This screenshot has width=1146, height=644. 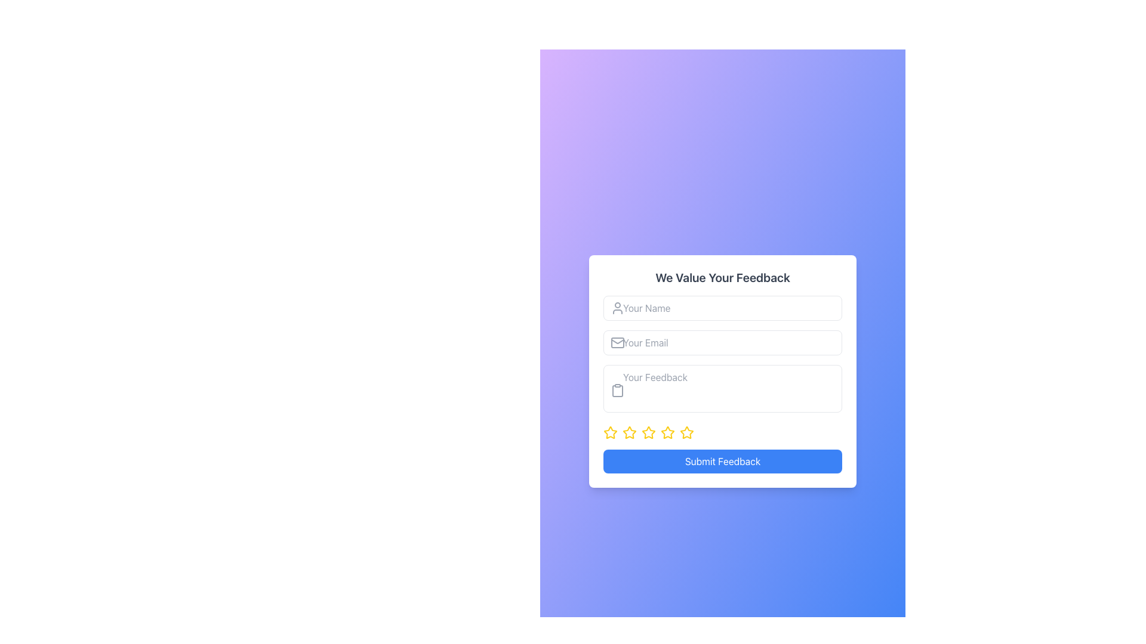 What do you see at coordinates (686, 432) in the screenshot?
I see `the fifth star-shaped rating icon with a bright yellow outline` at bounding box center [686, 432].